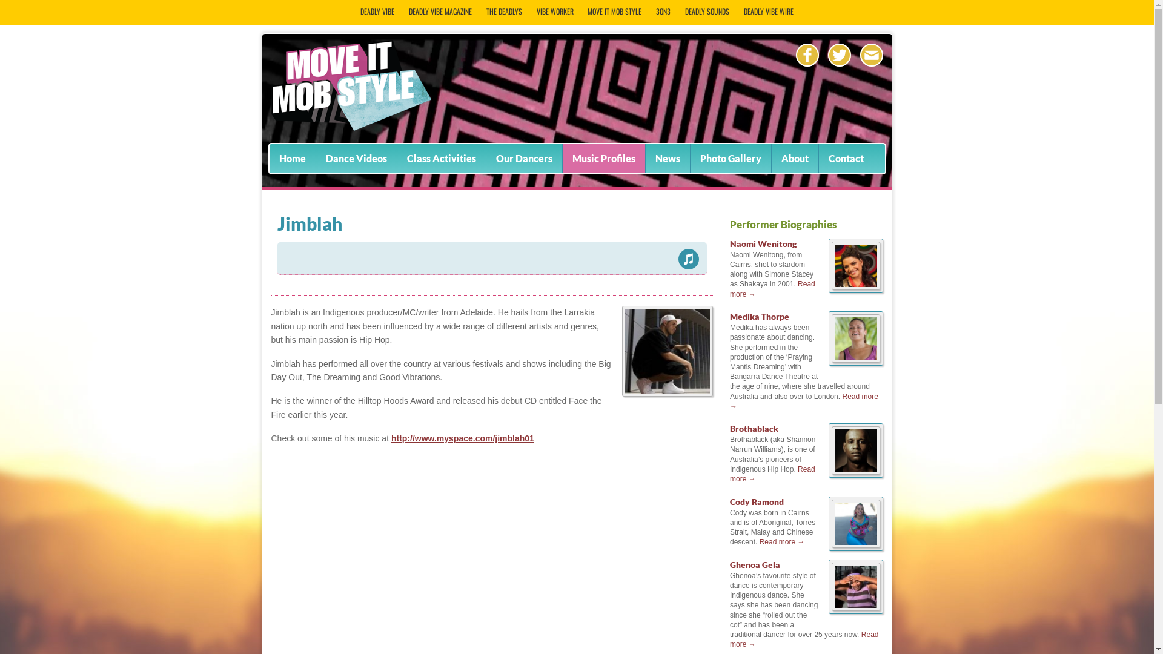 The image size is (1163, 654). What do you see at coordinates (667, 158) in the screenshot?
I see `'News'` at bounding box center [667, 158].